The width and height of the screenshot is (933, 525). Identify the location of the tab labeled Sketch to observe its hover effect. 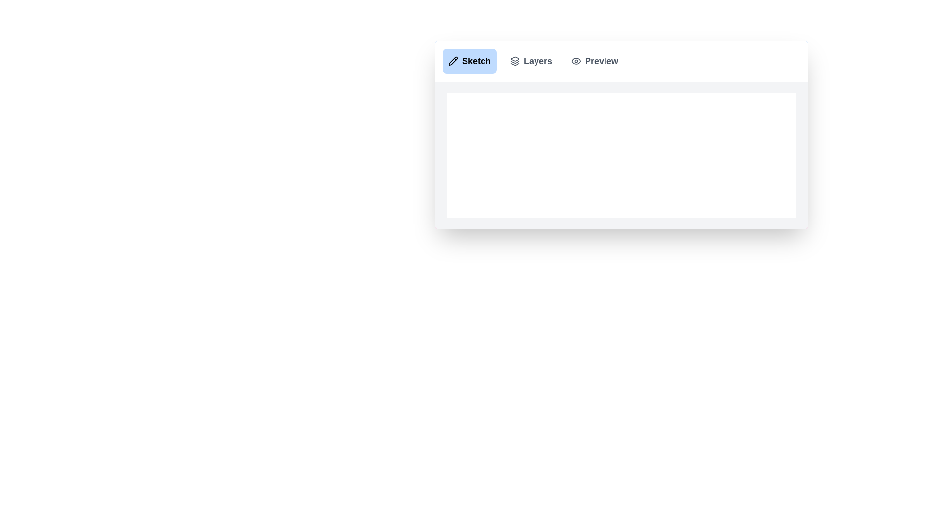
(469, 61).